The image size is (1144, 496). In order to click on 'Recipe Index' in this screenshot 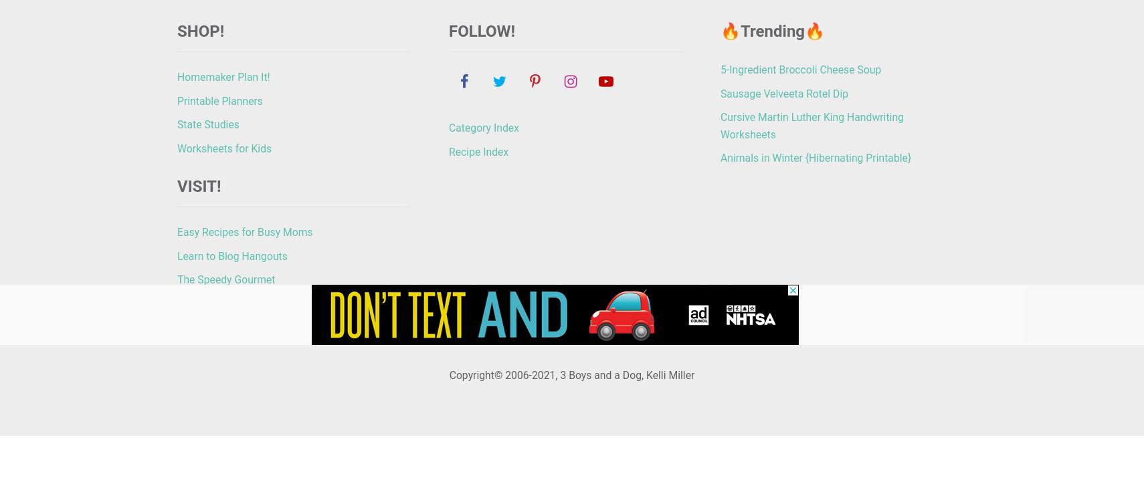, I will do `click(478, 150)`.